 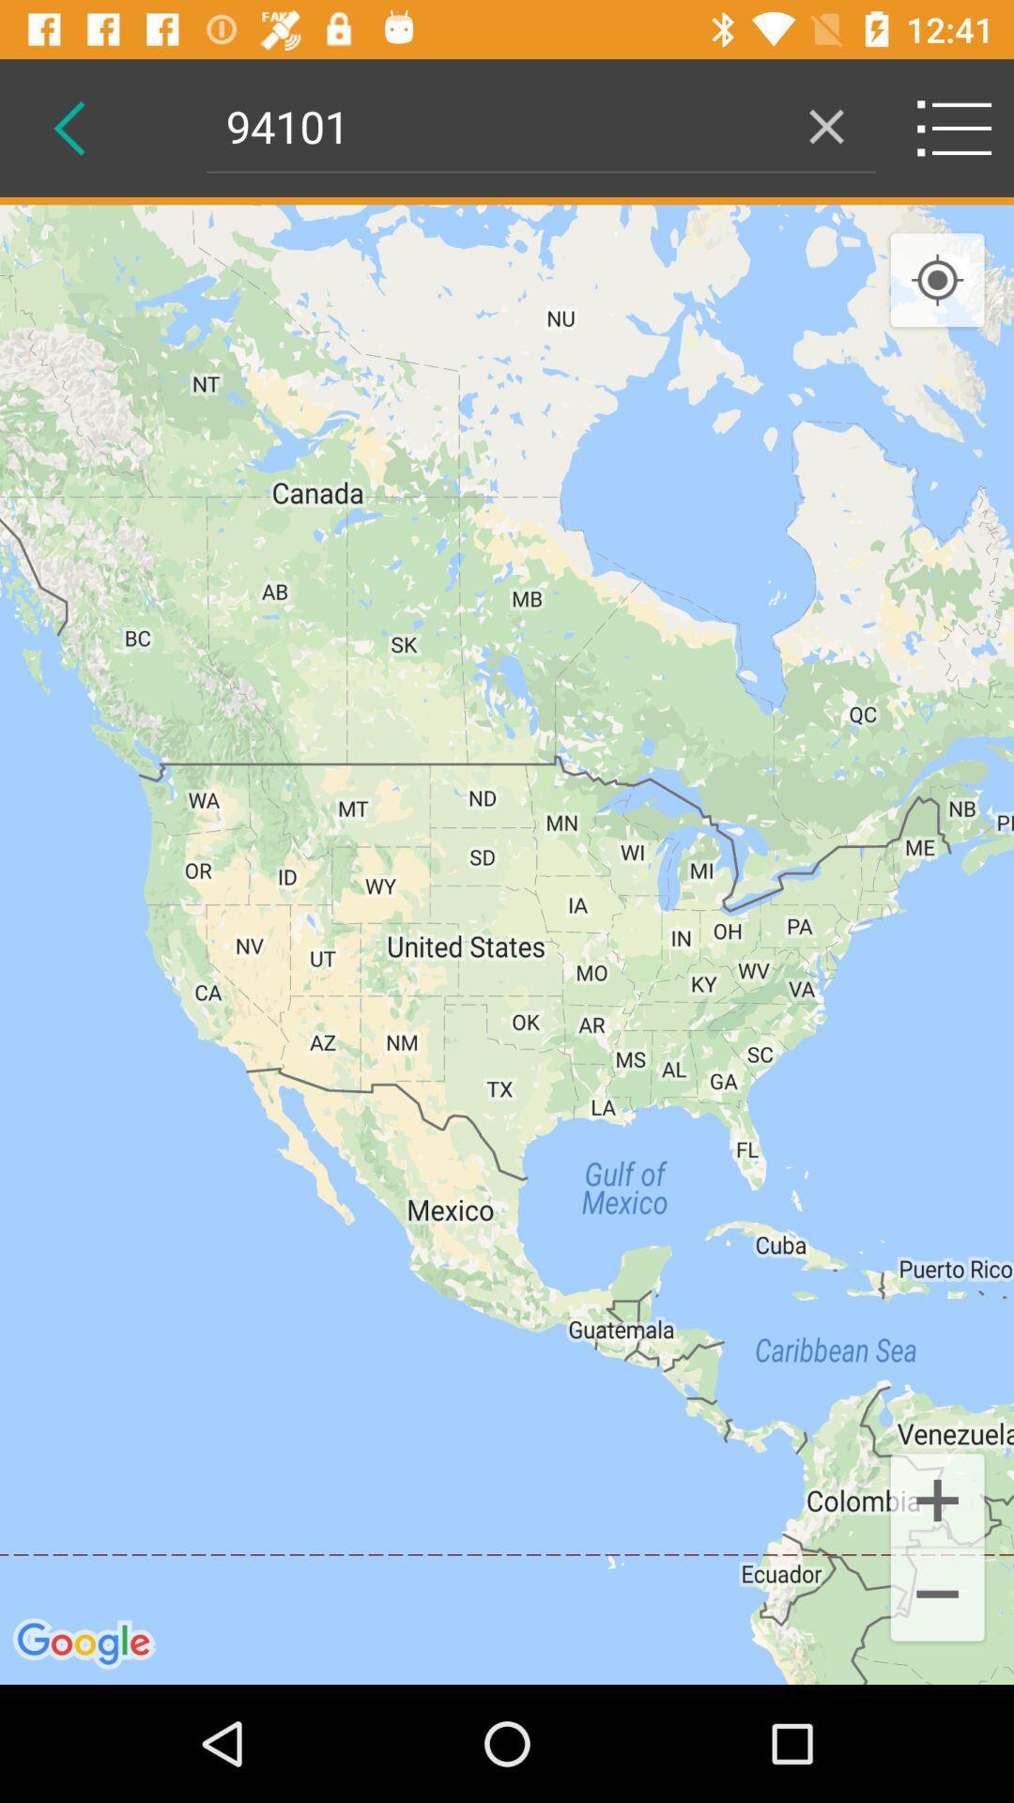 I want to click on the add icon, so click(x=937, y=1498).